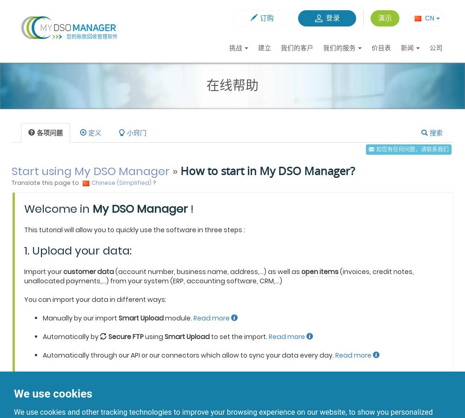 The height and width of the screenshot is (418, 465). What do you see at coordinates (134, 229) in the screenshot?
I see `'This tutorial will allow you to quickly use the software in three steps :'` at bounding box center [134, 229].